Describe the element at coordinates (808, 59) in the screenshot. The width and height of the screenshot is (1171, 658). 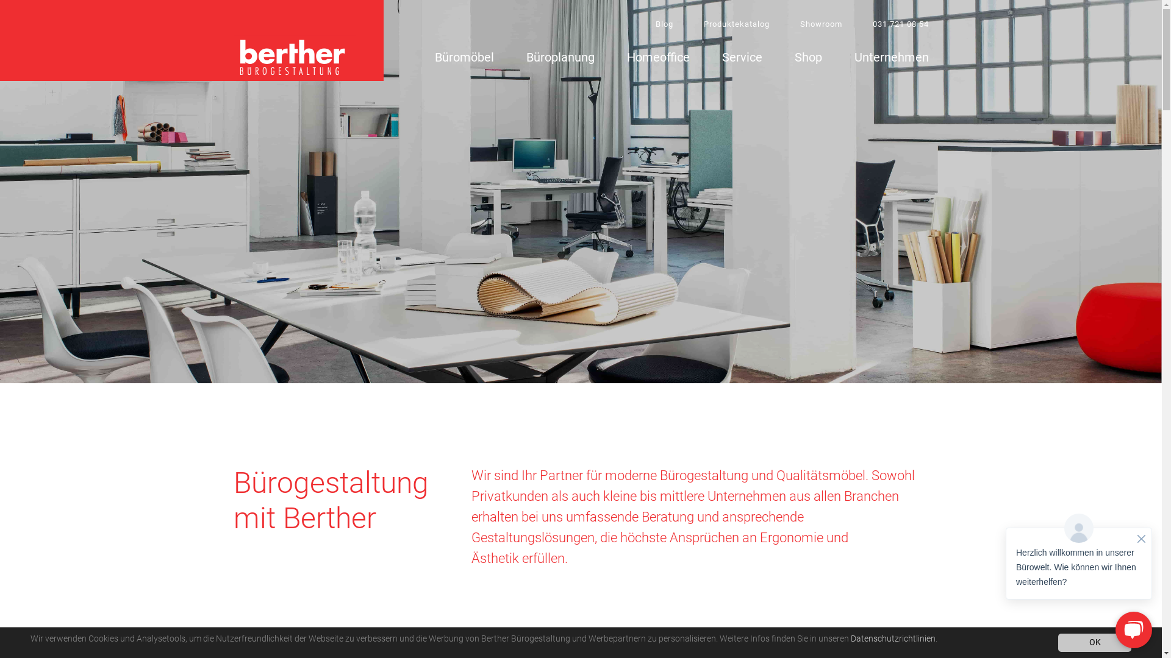
I see `'Shop'` at that location.